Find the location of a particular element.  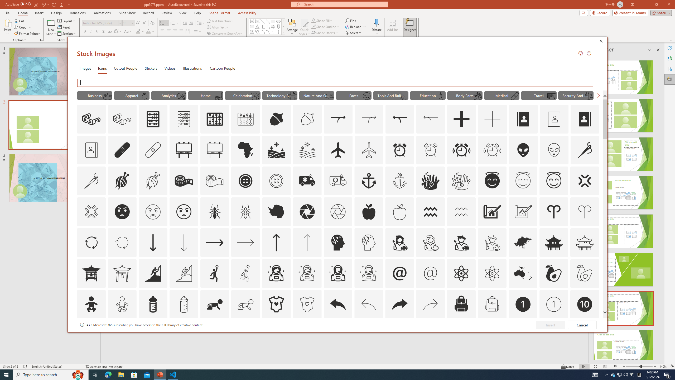

'AutomationID: Icons_MoustacheFace_M' is located at coordinates (367, 96).